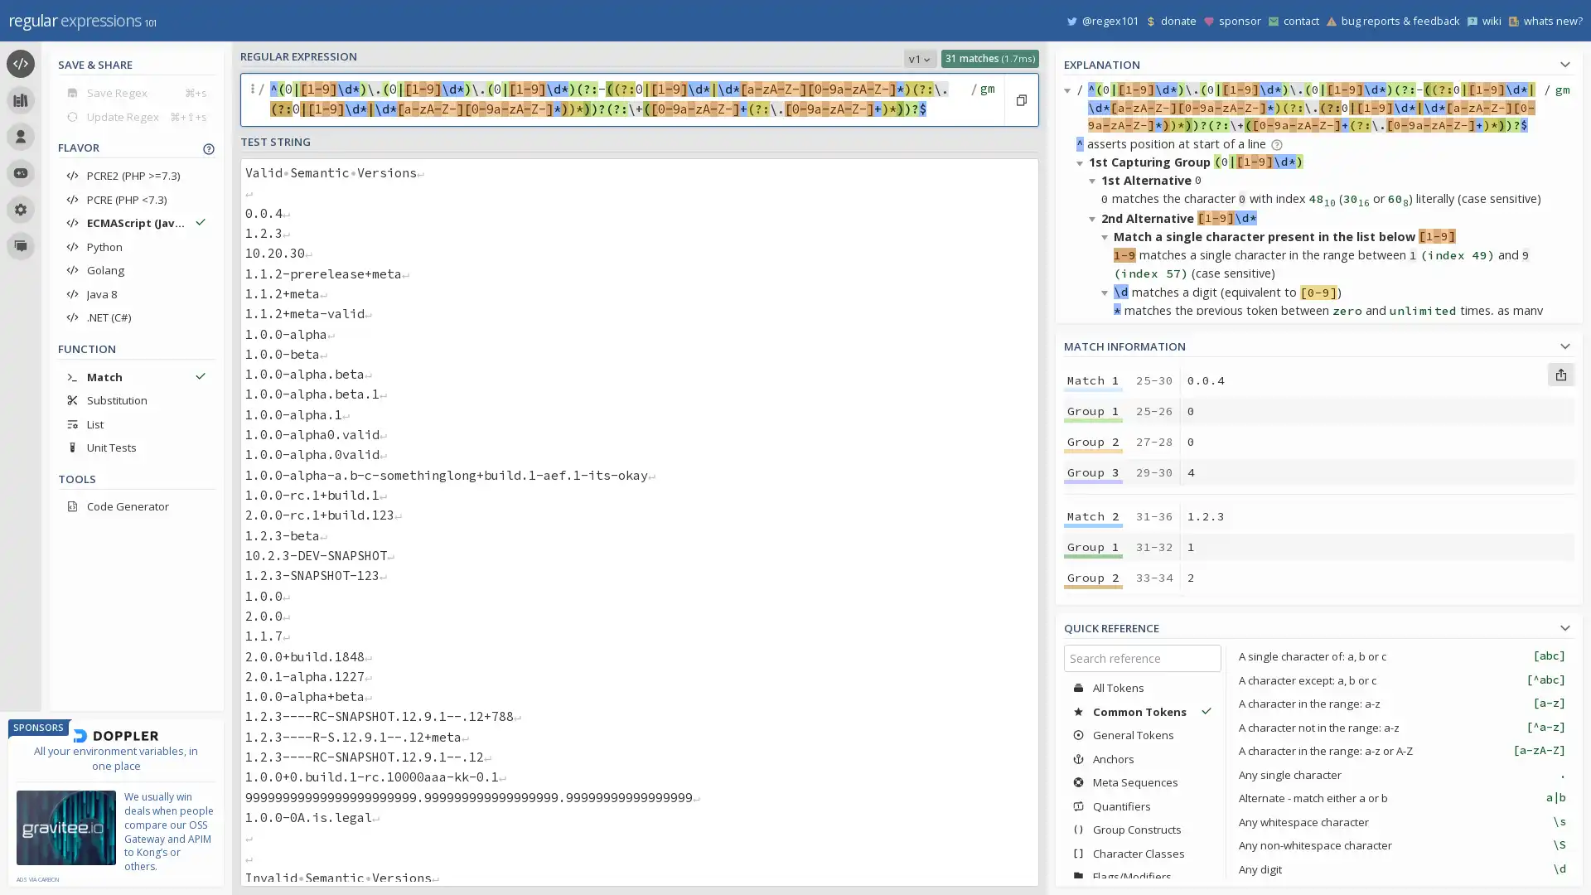 Image resolution: width=1591 pixels, height=895 pixels. What do you see at coordinates (1141, 710) in the screenshot?
I see `Common Tokens` at bounding box center [1141, 710].